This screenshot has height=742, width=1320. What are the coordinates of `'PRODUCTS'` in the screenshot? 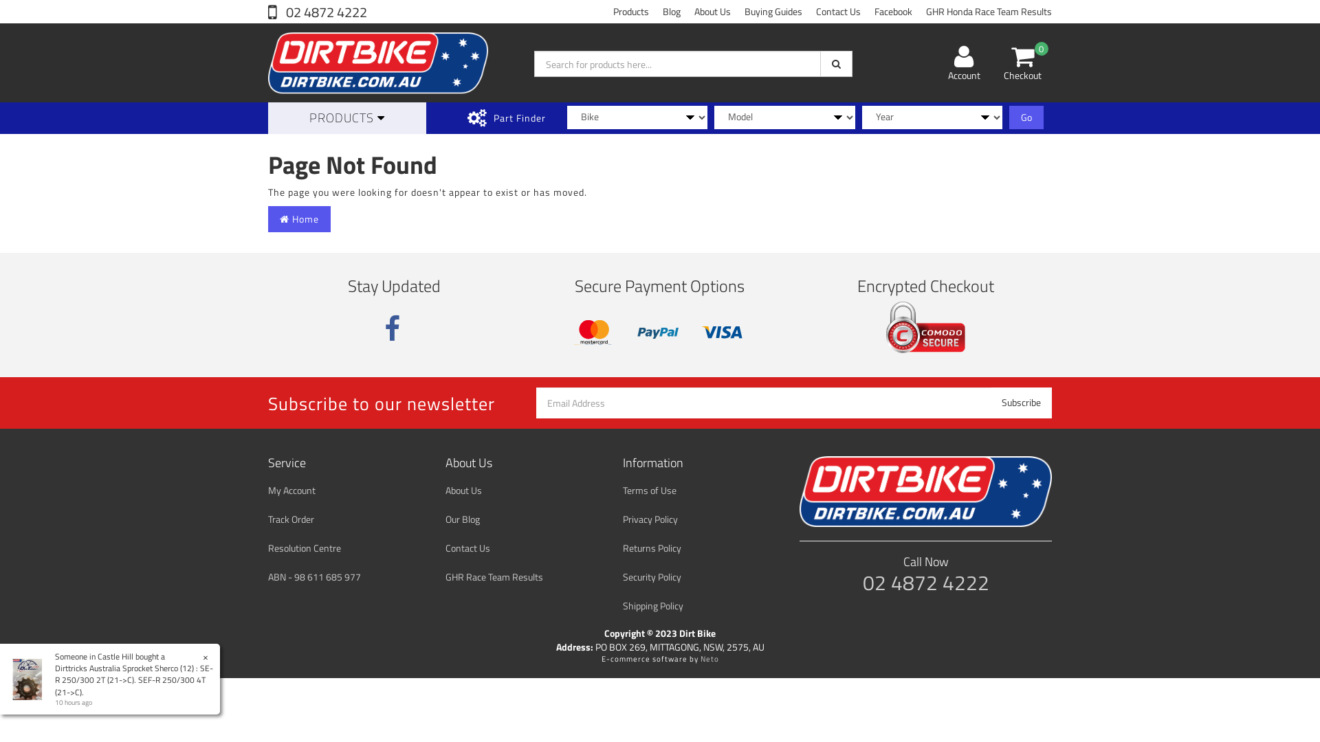 It's located at (346, 117).